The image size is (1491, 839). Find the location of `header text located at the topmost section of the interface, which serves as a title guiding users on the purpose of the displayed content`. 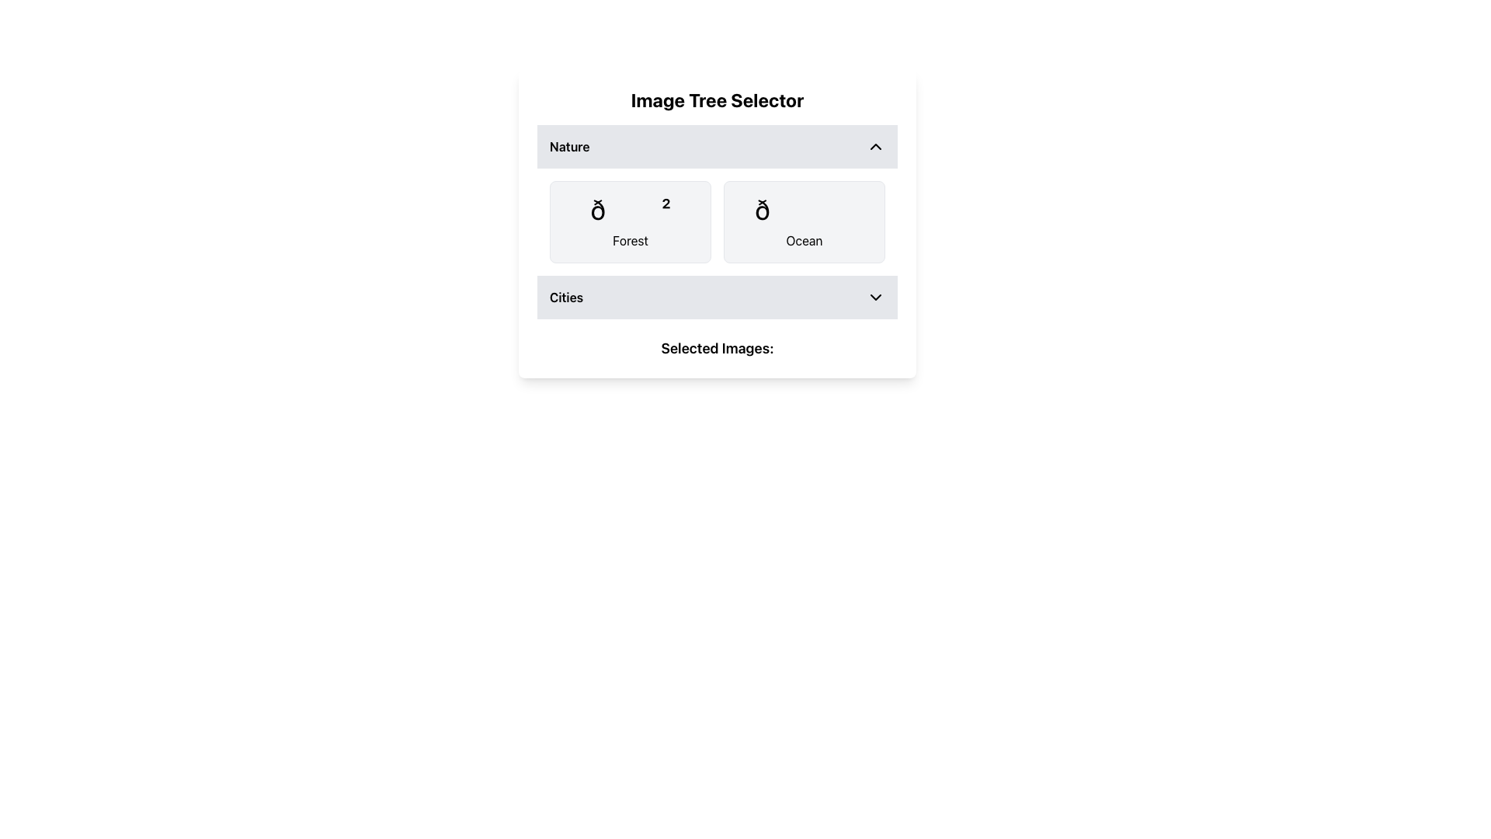

header text located at the topmost section of the interface, which serves as a title guiding users on the purpose of the displayed content is located at coordinates (717, 99).